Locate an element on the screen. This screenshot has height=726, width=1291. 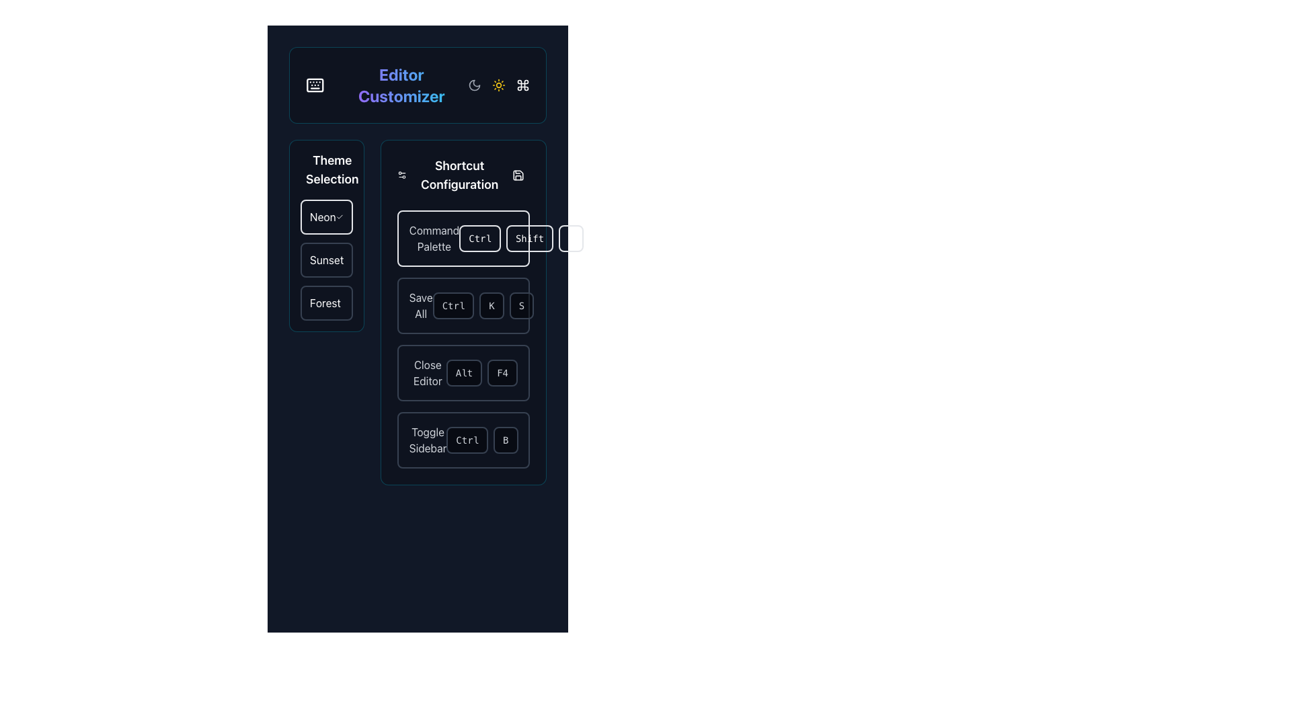
the 'Forest' button on the vertical theme selector menu located on the left-hand side of the interface is located at coordinates (326, 313).